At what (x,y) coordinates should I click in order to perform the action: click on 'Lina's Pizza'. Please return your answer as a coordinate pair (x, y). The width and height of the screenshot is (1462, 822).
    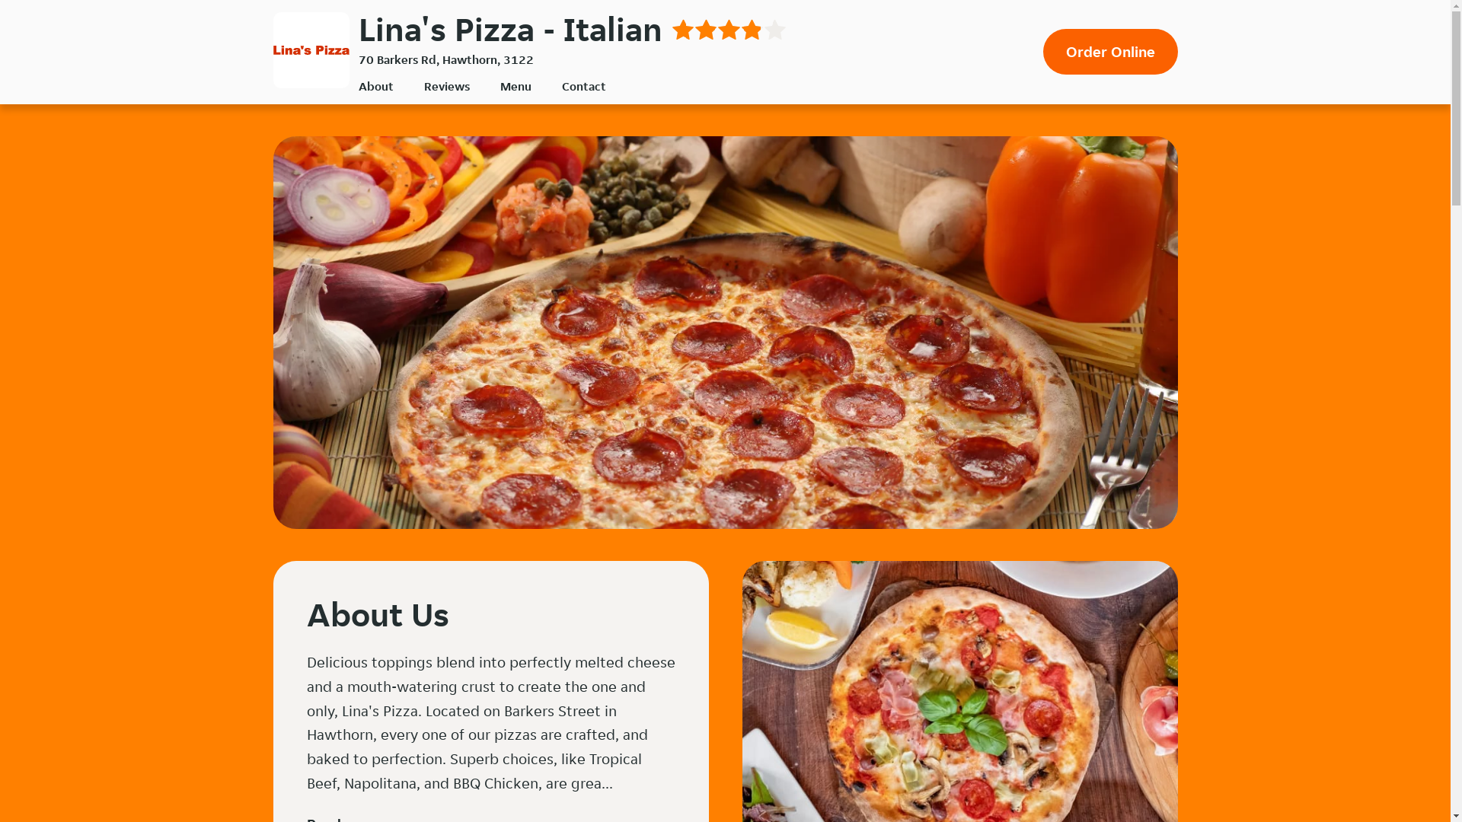
    Looking at the image, I should click on (310, 49).